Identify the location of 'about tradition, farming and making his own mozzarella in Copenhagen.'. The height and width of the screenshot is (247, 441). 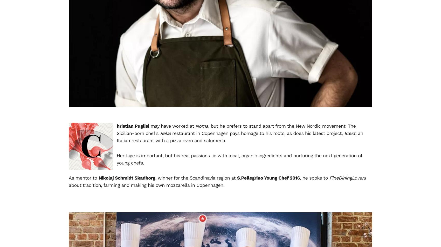
(146, 185).